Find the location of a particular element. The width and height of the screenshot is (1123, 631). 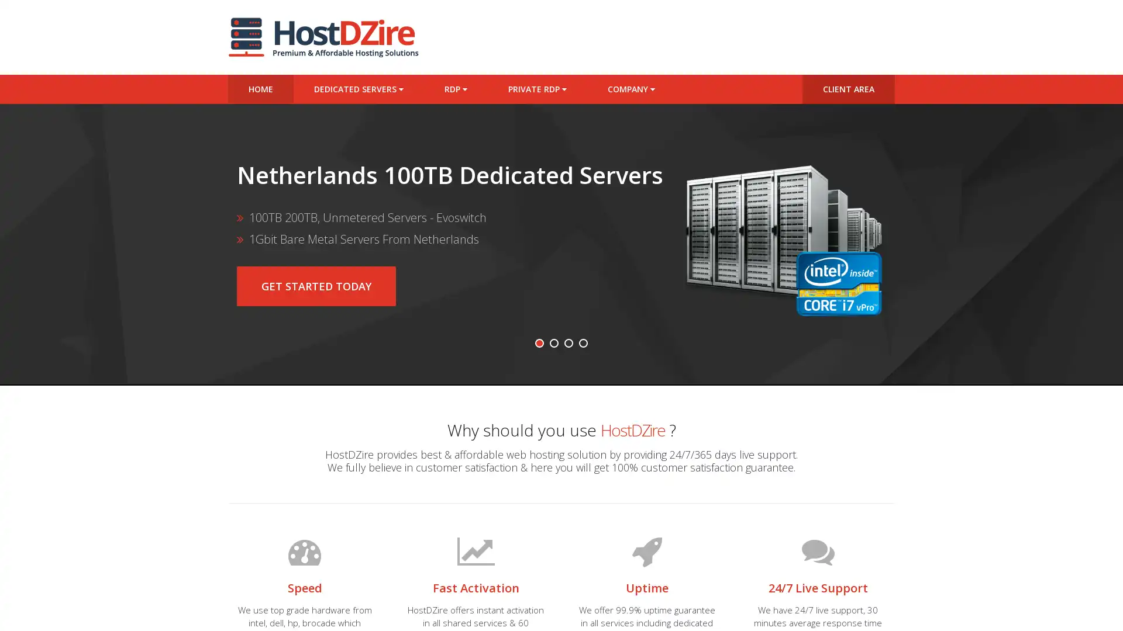

RDP is located at coordinates (455, 89).